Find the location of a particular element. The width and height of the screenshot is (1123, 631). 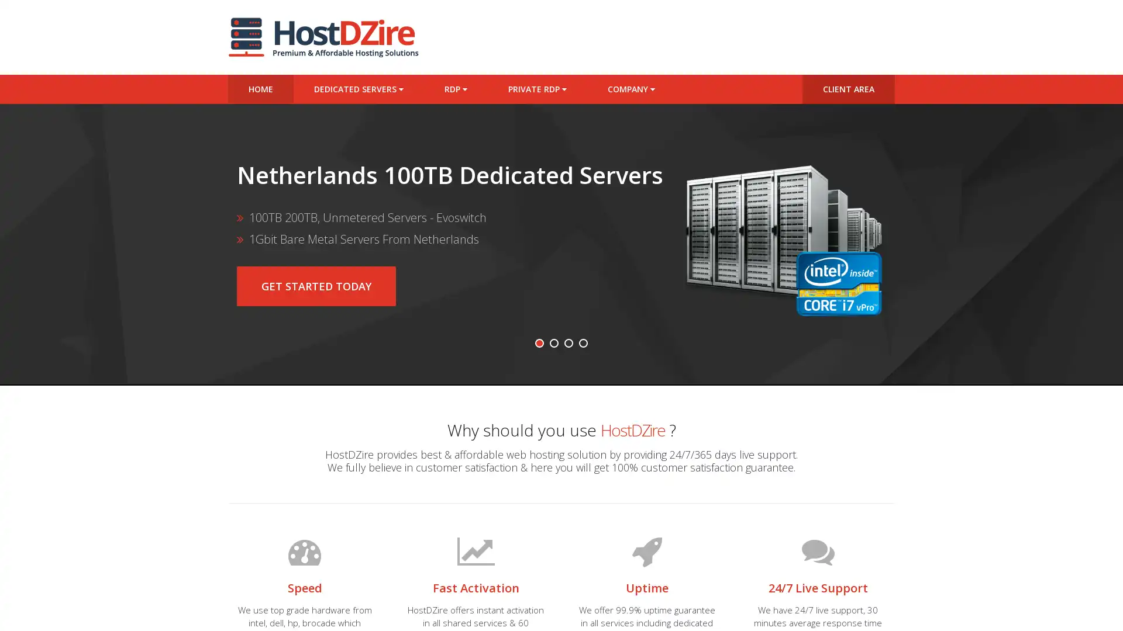

RDP is located at coordinates (455, 89).